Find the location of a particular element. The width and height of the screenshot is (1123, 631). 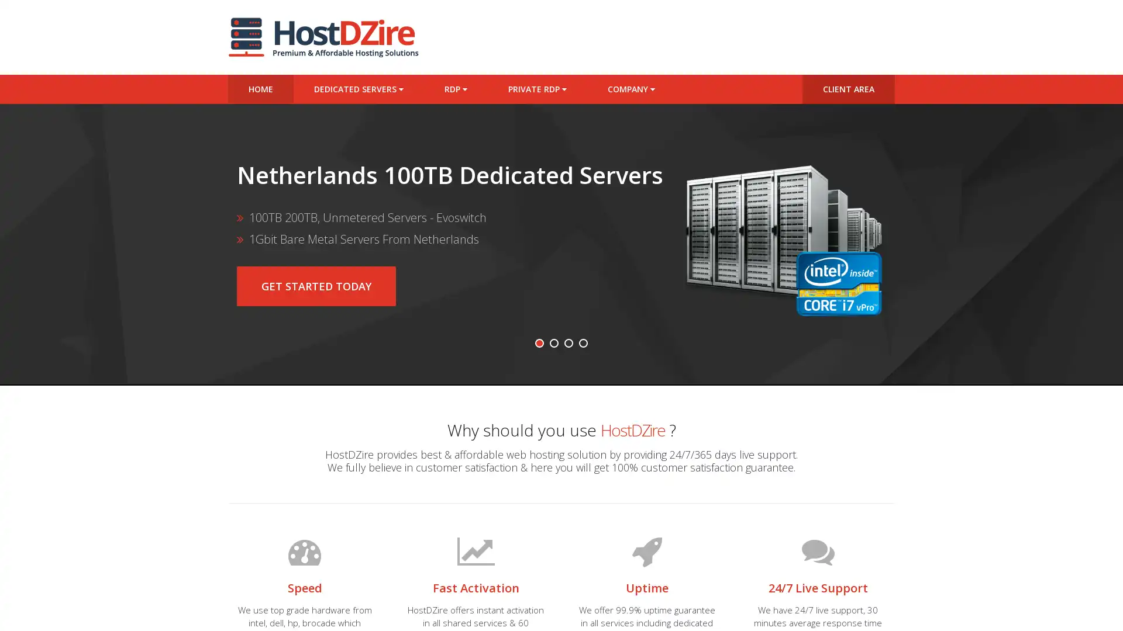

RDP is located at coordinates (455, 89).